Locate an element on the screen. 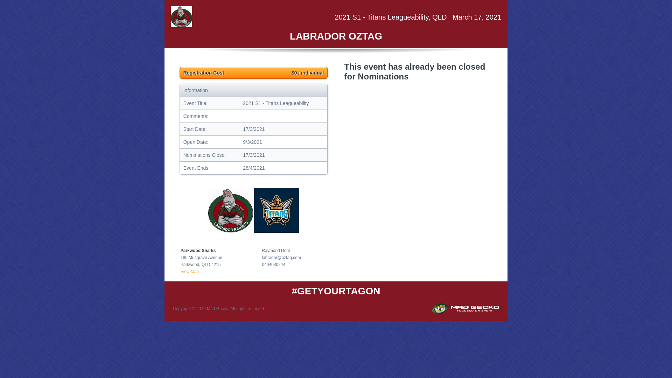  'View Map' is located at coordinates (190, 271).